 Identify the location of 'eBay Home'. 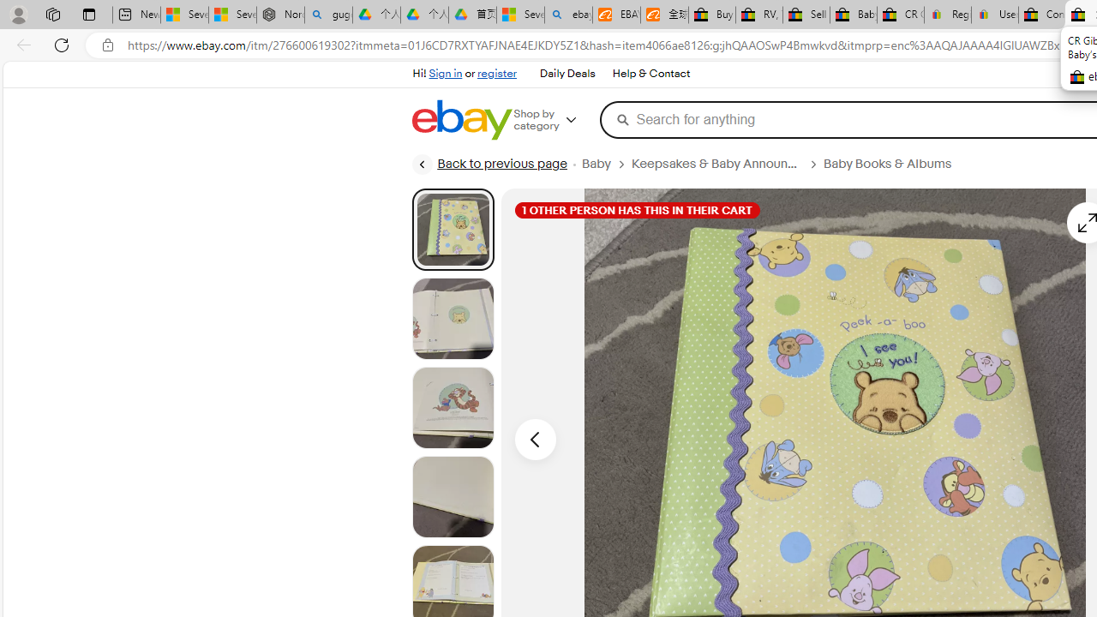
(461, 119).